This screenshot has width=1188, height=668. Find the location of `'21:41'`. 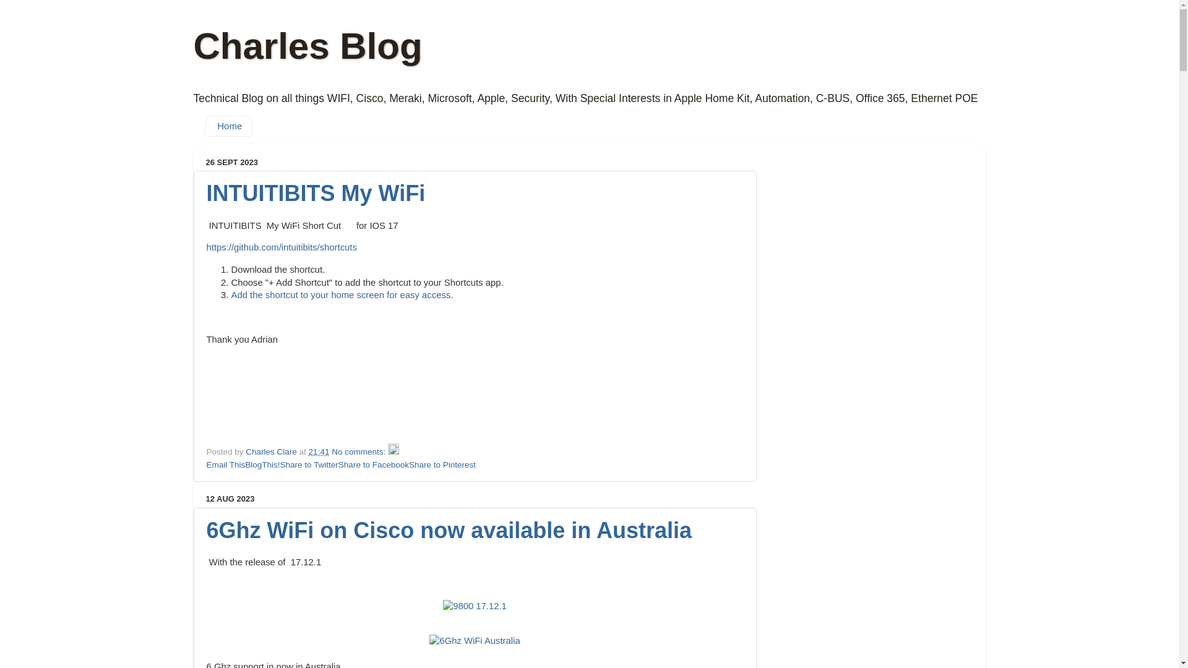

'21:41' is located at coordinates (309, 452).